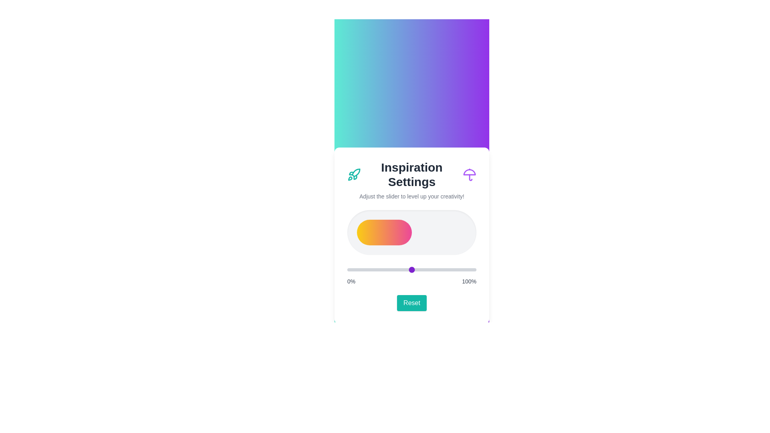 This screenshot has width=770, height=433. I want to click on the slider to 80%, so click(450, 269).